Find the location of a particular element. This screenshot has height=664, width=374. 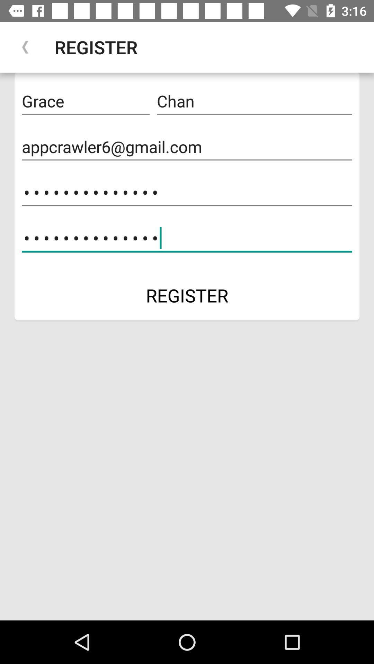

the item to the left of the chan is located at coordinates (85, 101).